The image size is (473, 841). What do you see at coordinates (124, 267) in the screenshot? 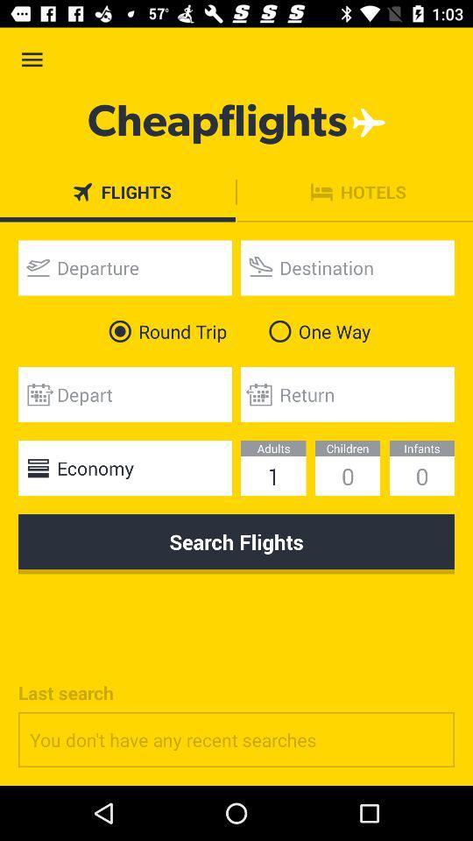
I see `set your departure location` at bounding box center [124, 267].